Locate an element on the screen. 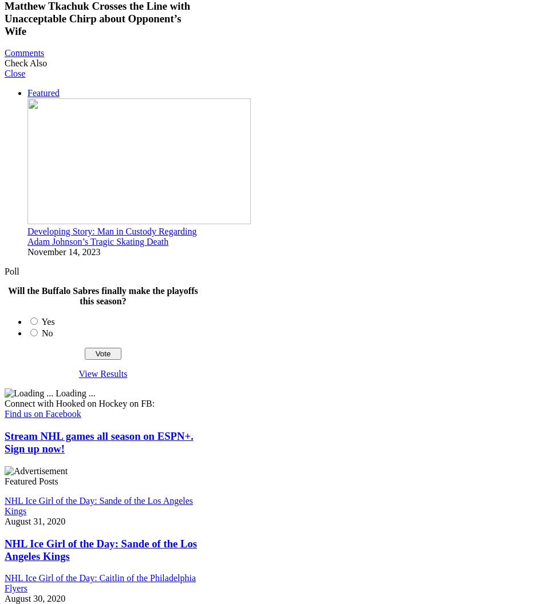 This screenshot has width=560, height=604. 'Developing Story: Man in Custody Regarding Adam Johnson’s Tragic Skating Death' is located at coordinates (112, 236).